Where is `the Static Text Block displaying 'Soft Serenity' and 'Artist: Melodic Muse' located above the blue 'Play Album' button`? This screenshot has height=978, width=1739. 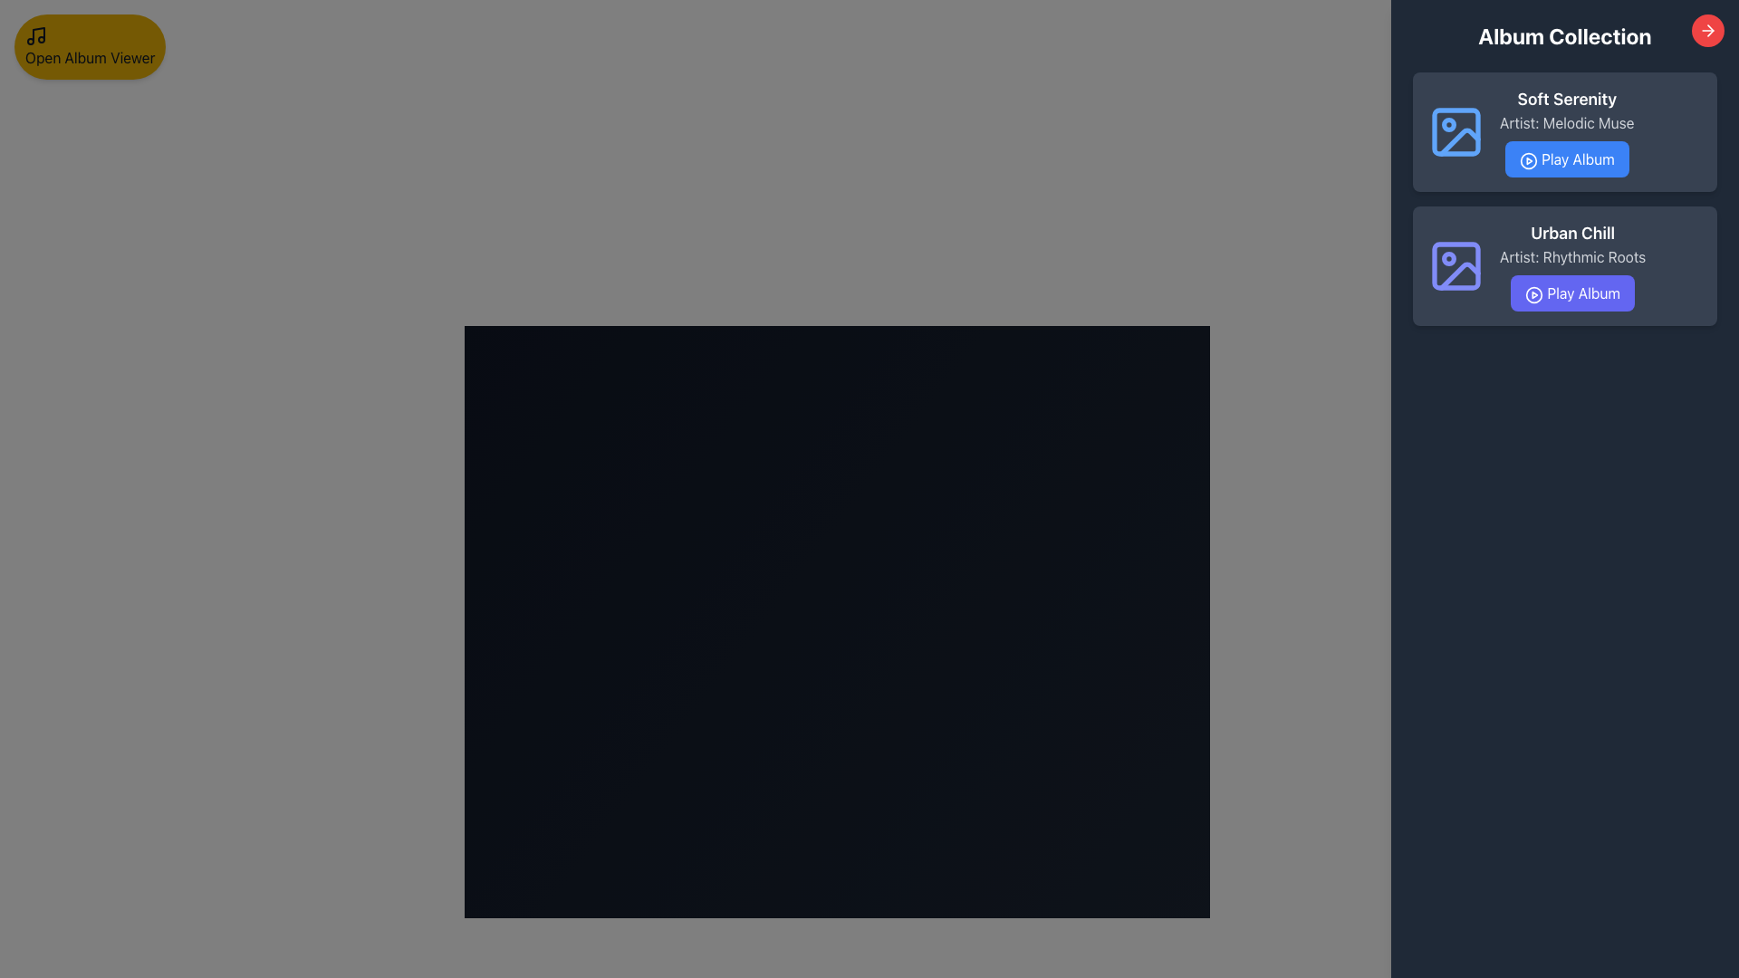 the Static Text Block displaying 'Soft Serenity' and 'Artist: Melodic Muse' located above the blue 'Play Album' button is located at coordinates (1566, 131).